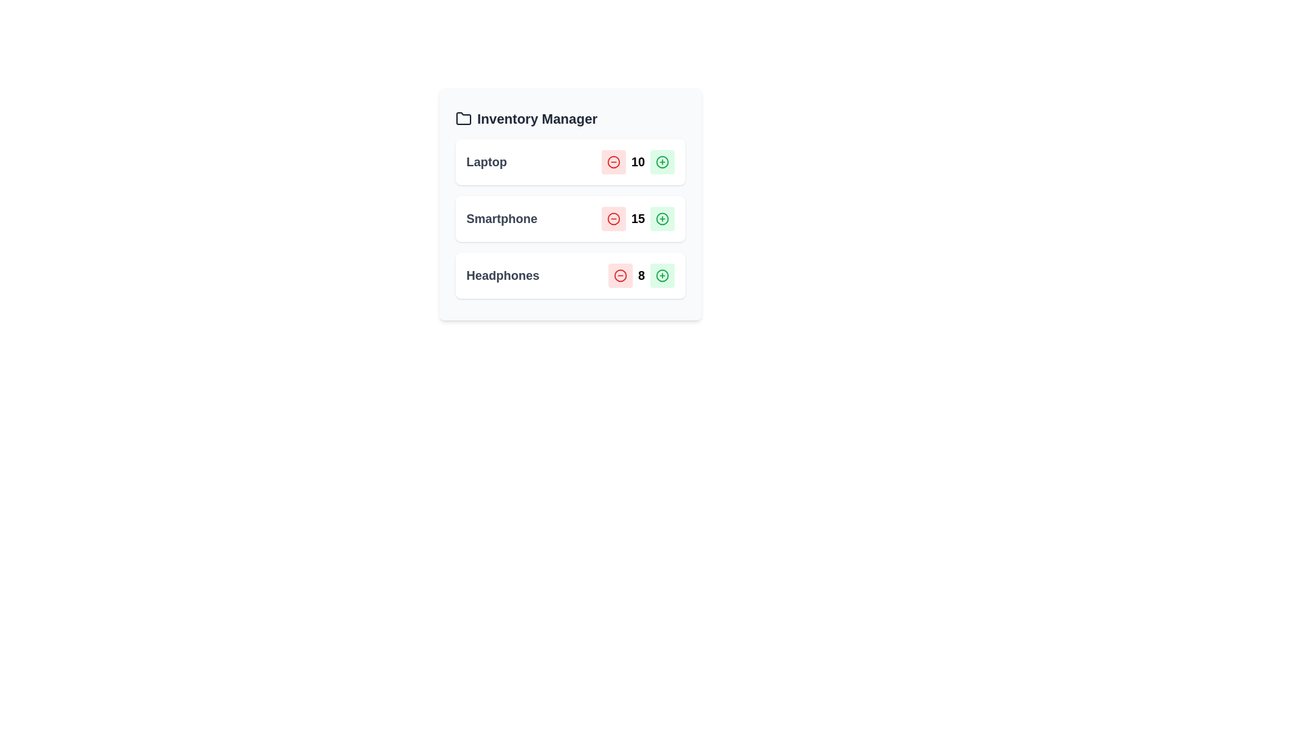 The width and height of the screenshot is (1298, 730). Describe the element at coordinates (619, 275) in the screenshot. I see `minus button for the Headphones item` at that location.